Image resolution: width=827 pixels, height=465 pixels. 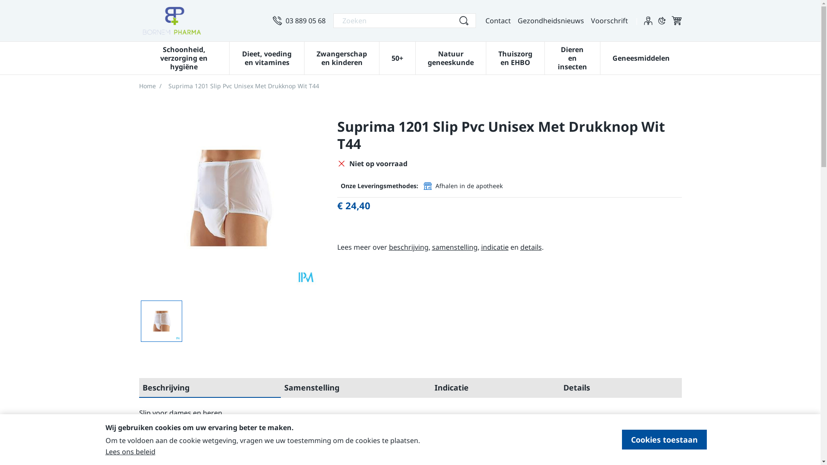 What do you see at coordinates (675, 20) in the screenshot?
I see `'Winkelwagen'` at bounding box center [675, 20].